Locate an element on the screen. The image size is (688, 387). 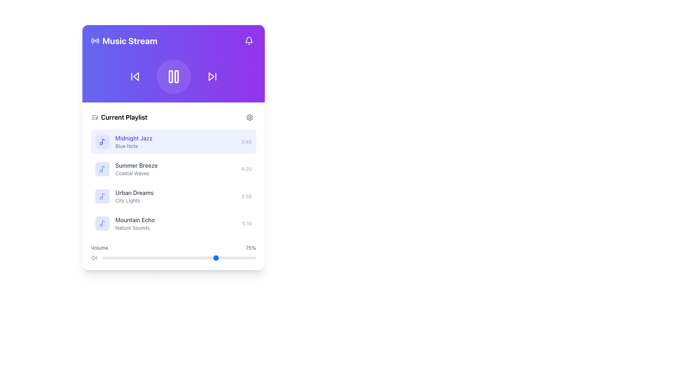
the third item in the vertical playlist that represents a song is located at coordinates (173, 196).